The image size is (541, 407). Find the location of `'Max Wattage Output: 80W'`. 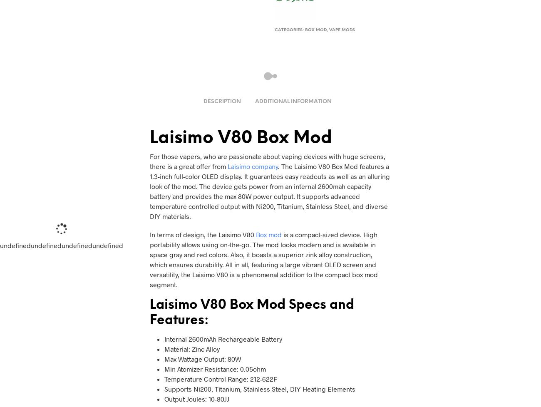

'Max Wattage Output: 80W' is located at coordinates (202, 358).